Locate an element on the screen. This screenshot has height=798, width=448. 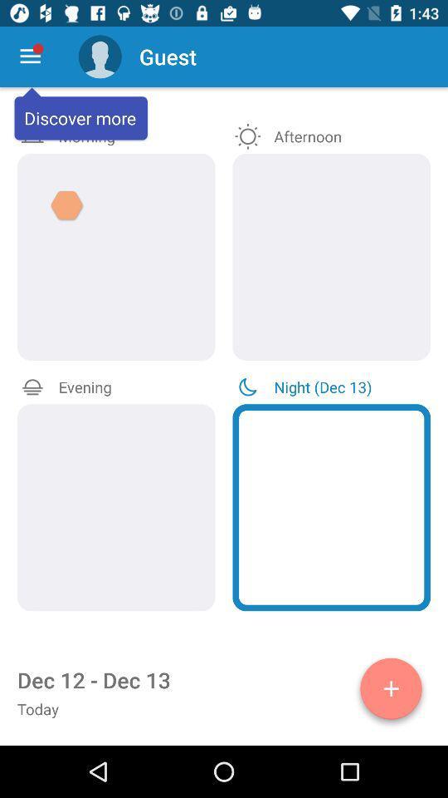
reminder is located at coordinates (391, 692).